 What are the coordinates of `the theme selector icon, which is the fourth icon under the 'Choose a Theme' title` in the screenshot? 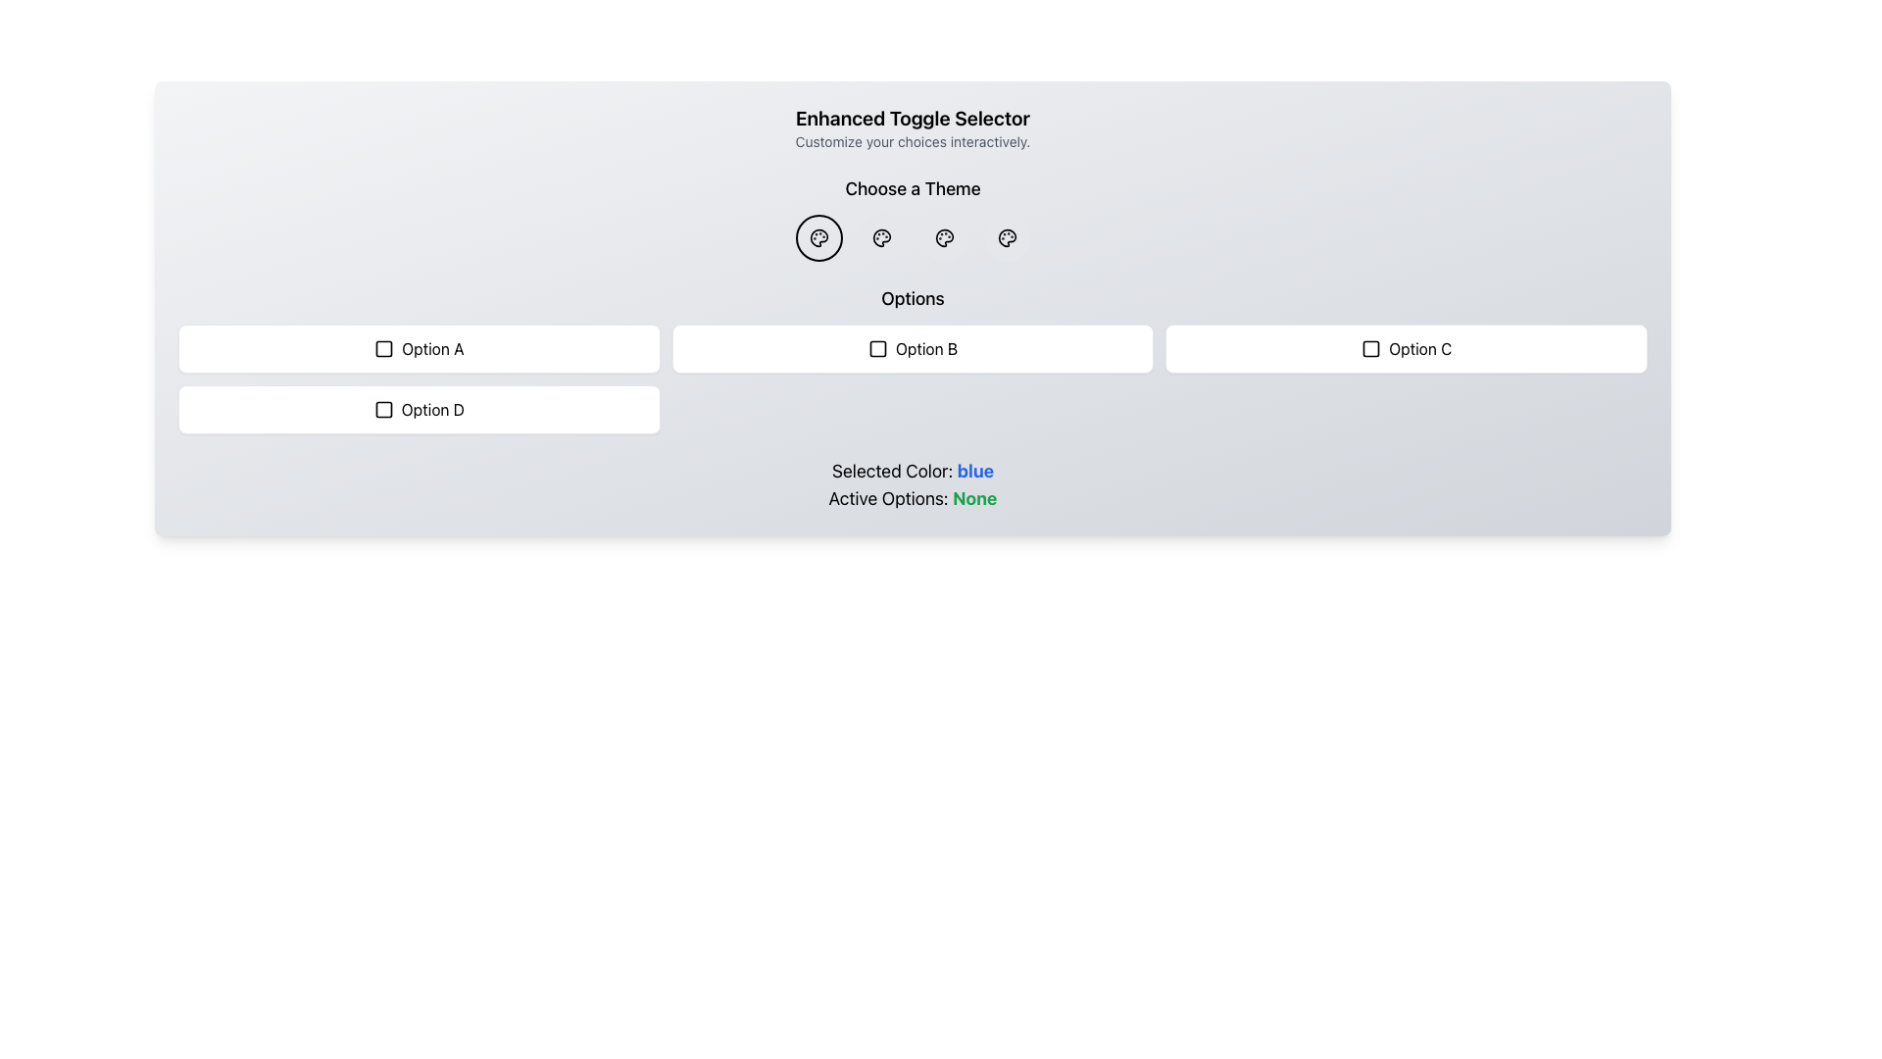 It's located at (1007, 237).